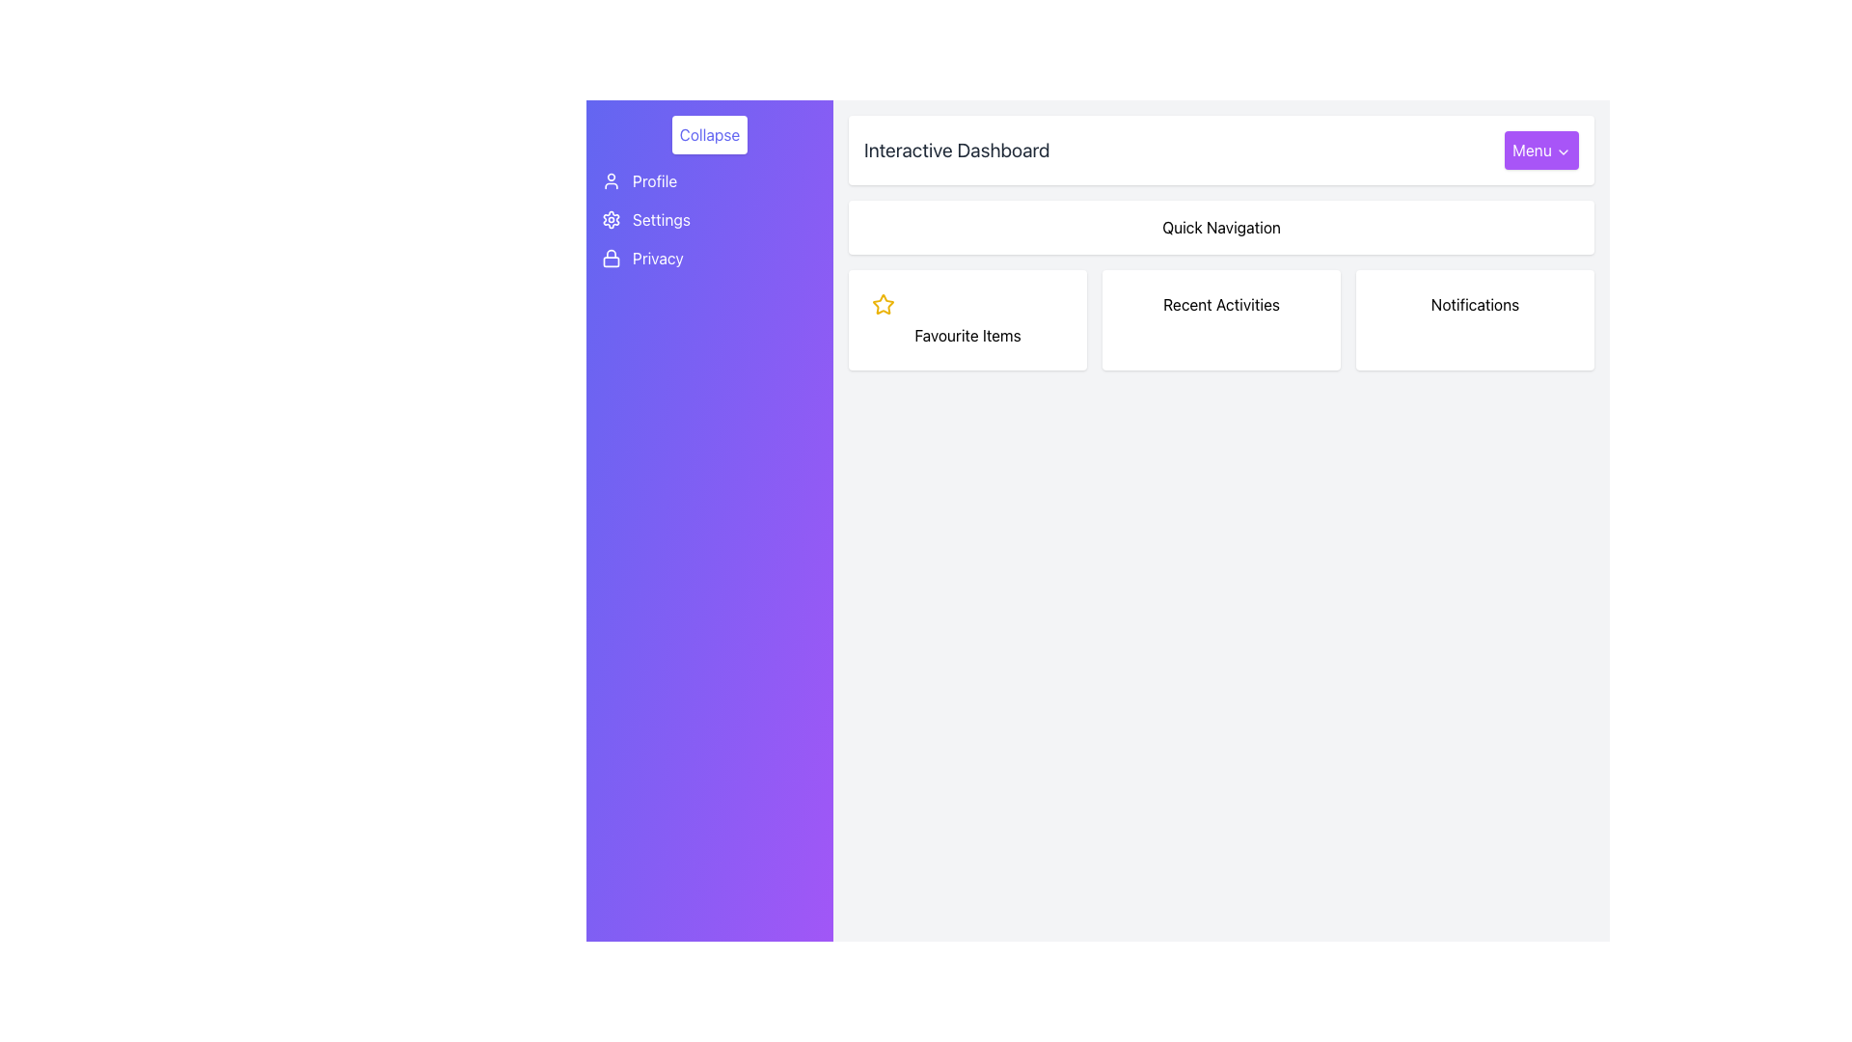 The image size is (1852, 1042). Describe the element at coordinates (883, 304) in the screenshot. I see `the star icon in the 'Favourite Items' card located in the left column under 'Quick Navigation', which indicates an interactive feature for marking items as favorites` at that location.